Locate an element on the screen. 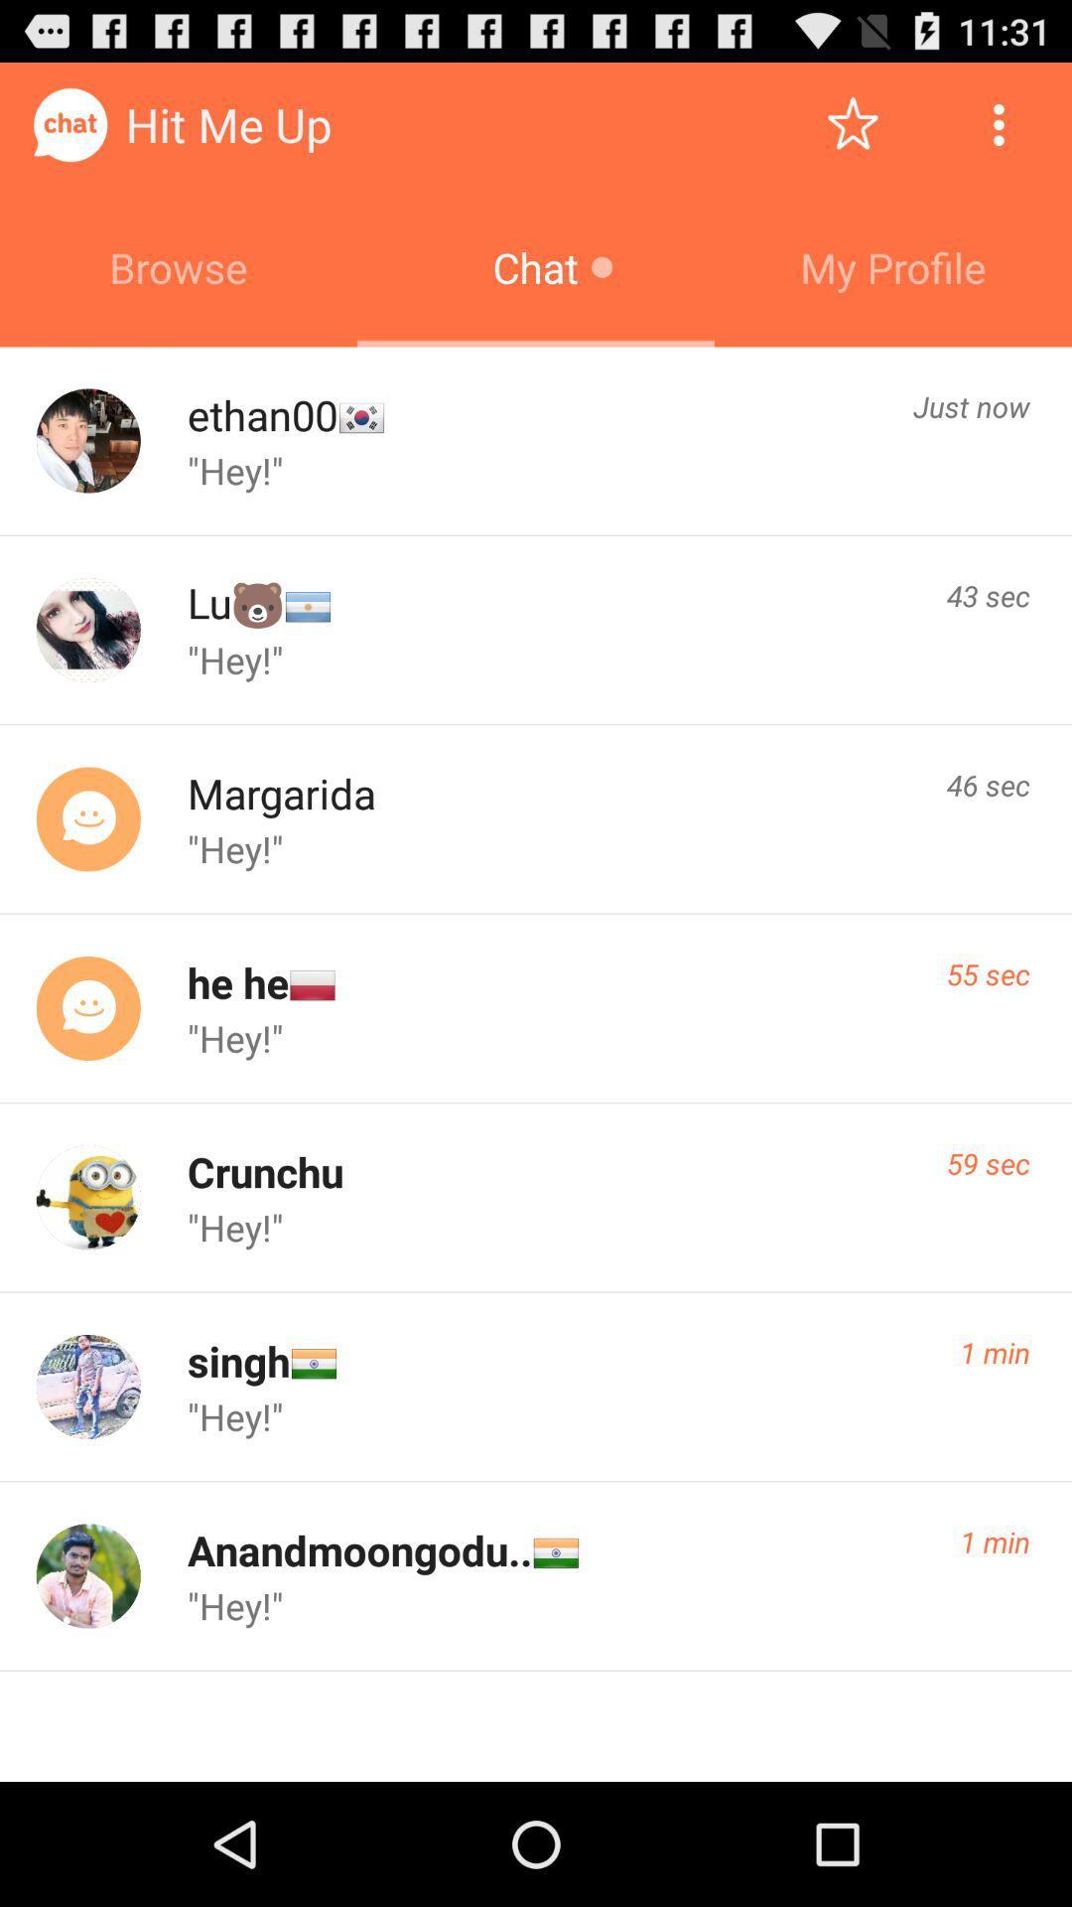  app above the just now is located at coordinates (891, 266).